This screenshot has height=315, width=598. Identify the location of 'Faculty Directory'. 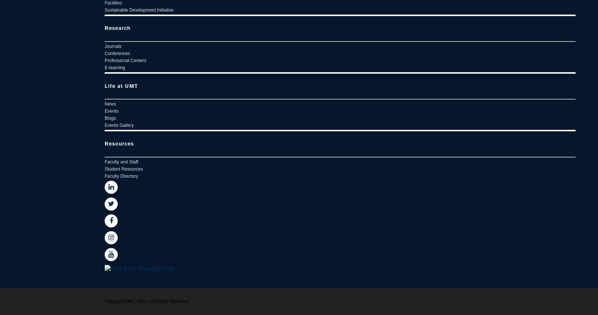
(121, 175).